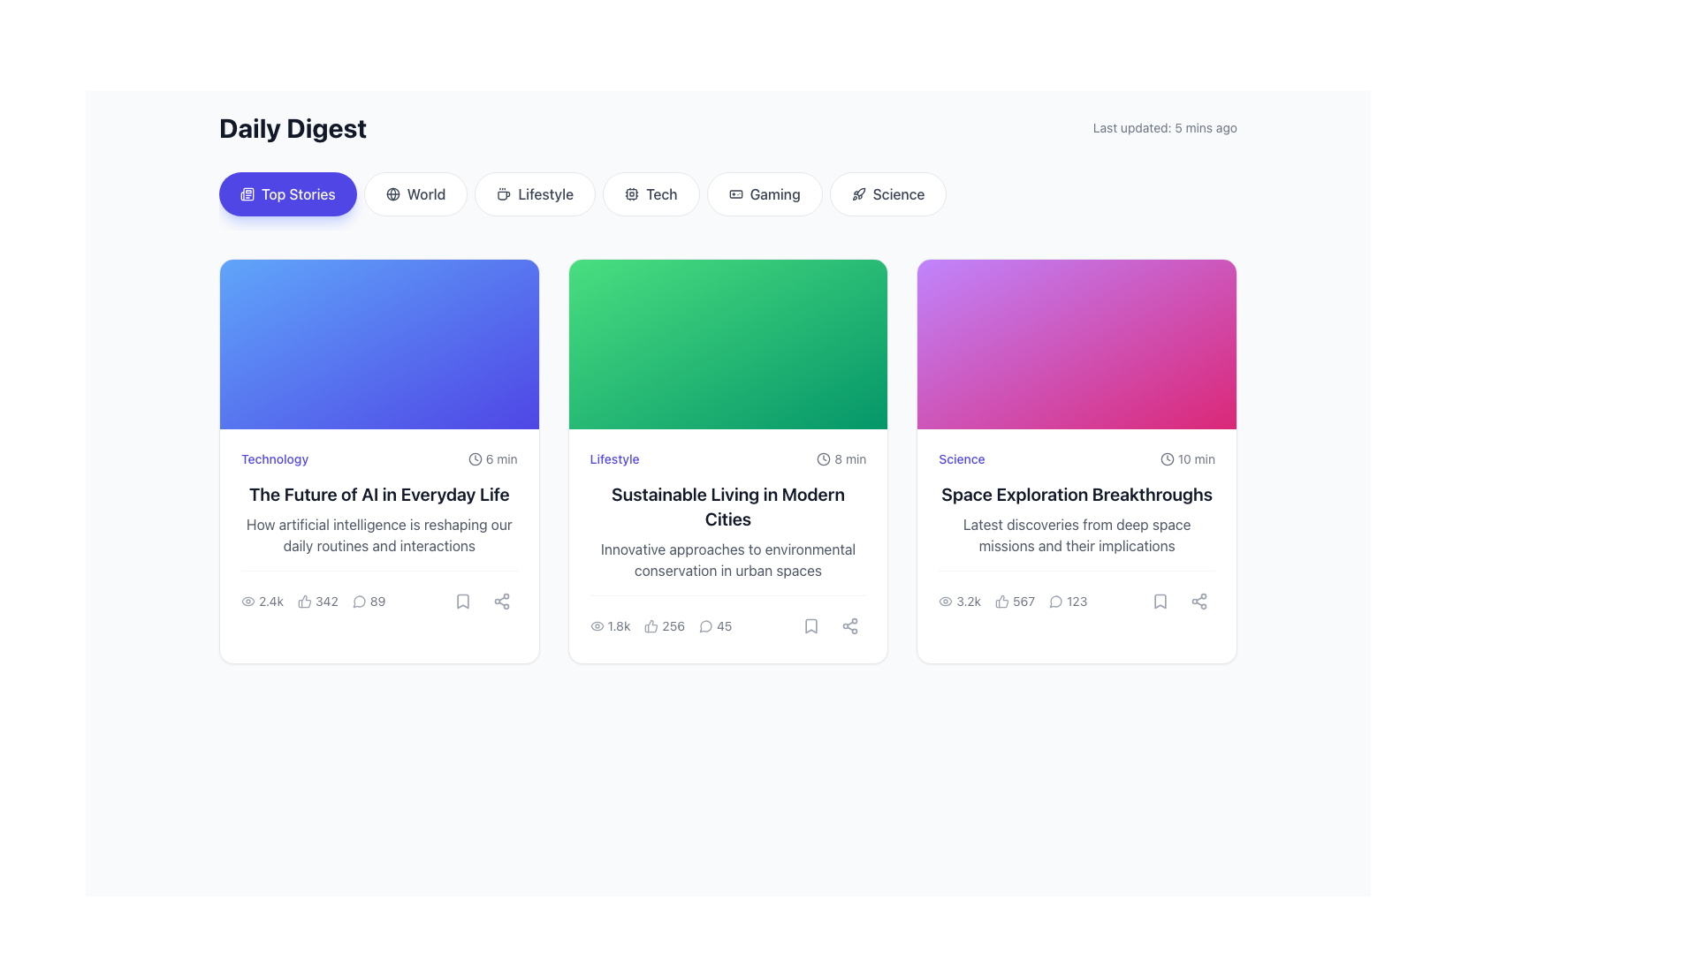  What do you see at coordinates (704, 625) in the screenshot?
I see `the speech bubble icon, which is part of the SVG graphic in the engagement metrics section below the 'Sustainable Living in Modern Cities' card, to interact` at bounding box center [704, 625].